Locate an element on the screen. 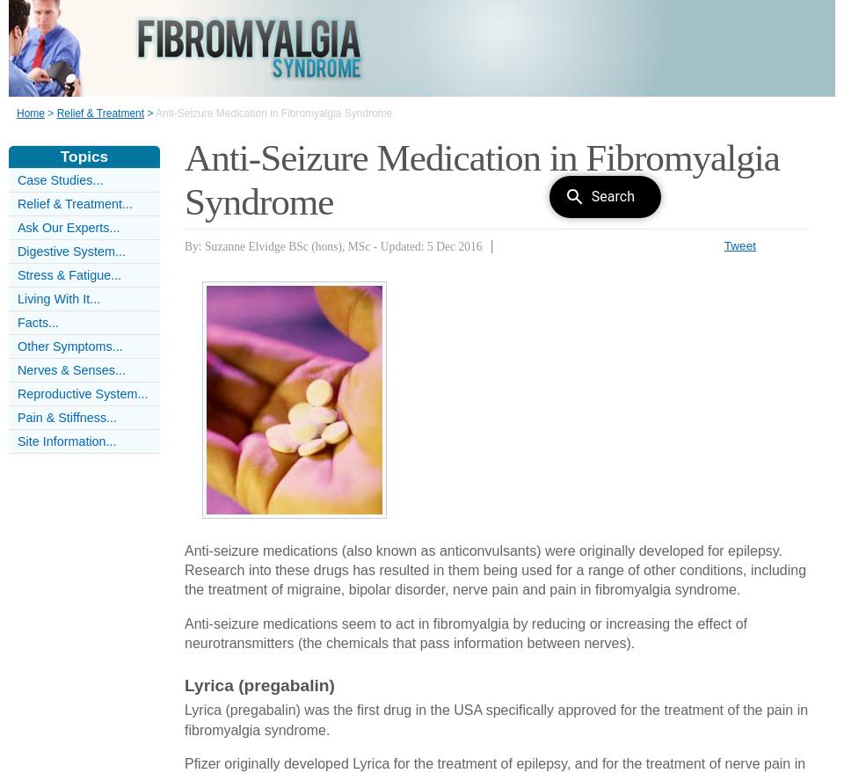 This screenshot has width=844, height=773. 'Anti-seizure medications seem to act in fibromyalgia by reducing or increasing the effect of neurotransmitters (the chemicals that pass information between nerves).' is located at coordinates (465, 632).